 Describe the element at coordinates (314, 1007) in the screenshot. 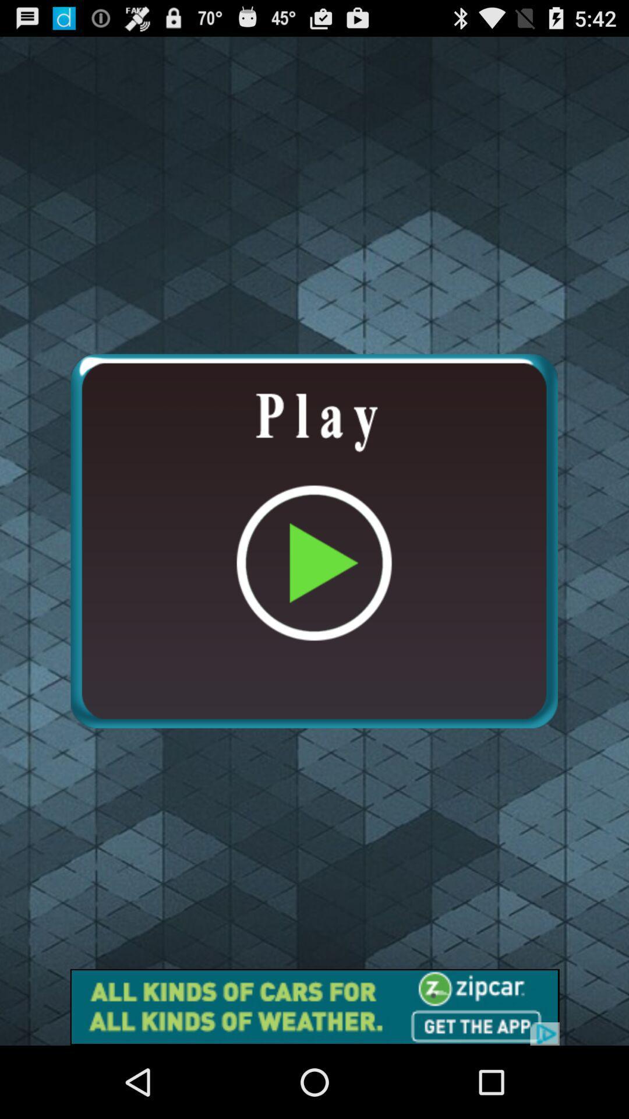

I see `the advertisement page` at that location.